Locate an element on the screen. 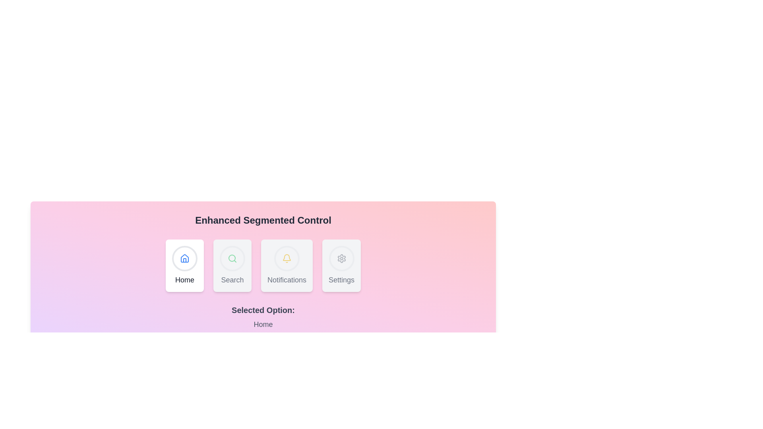 The width and height of the screenshot is (763, 429). the settings icon that resembles a gear, located in the fourth segmented control option under 'Enhanced Segmented Control' is located at coordinates (341, 259).